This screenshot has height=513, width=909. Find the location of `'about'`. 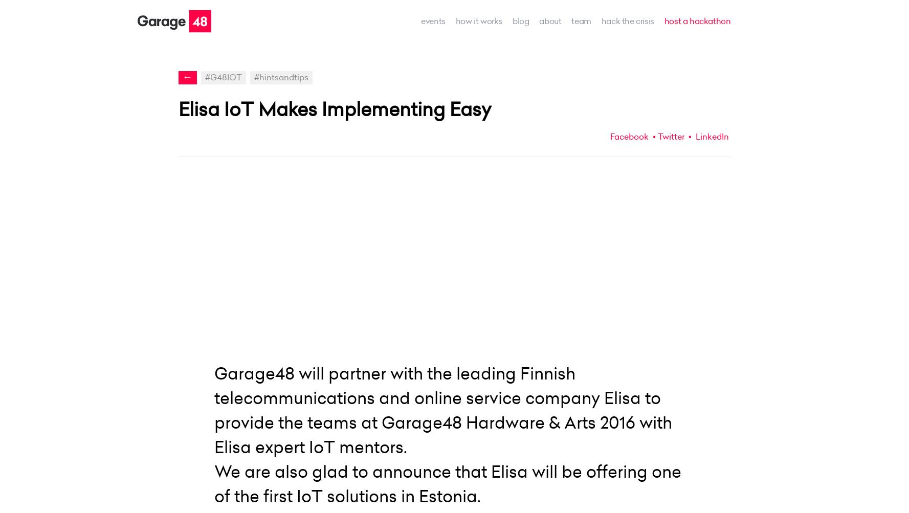

'about' is located at coordinates (550, 20).